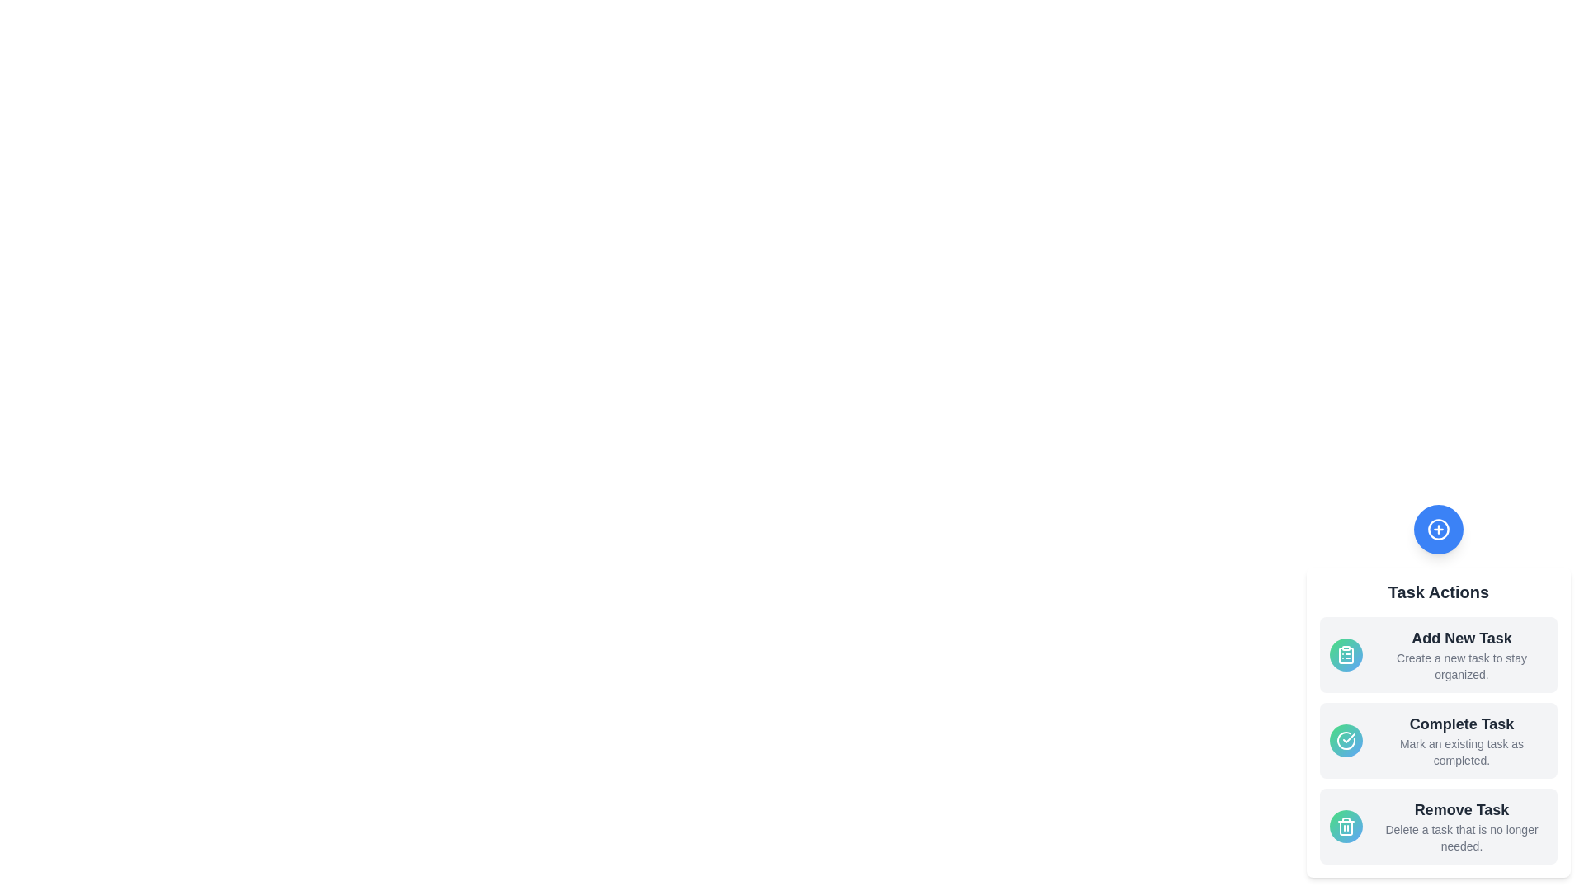 The image size is (1584, 891). What do you see at coordinates (1461, 724) in the screenshot?
I see `the task option title Complete Task to trigger its interaction` at bounding box center [1461, 724].